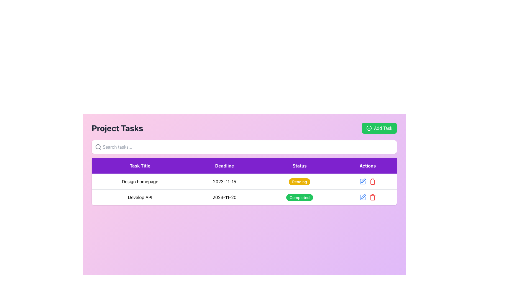 The height and width of the screenshot is (299, 532). What do you see at coordinates (372, 197) in the screenshot?
I see `the middle component of the trash can icon in the 'Actions' column of the second row, which represents the delete action for the 'Develop API' task` at bounding box center [372, 197].